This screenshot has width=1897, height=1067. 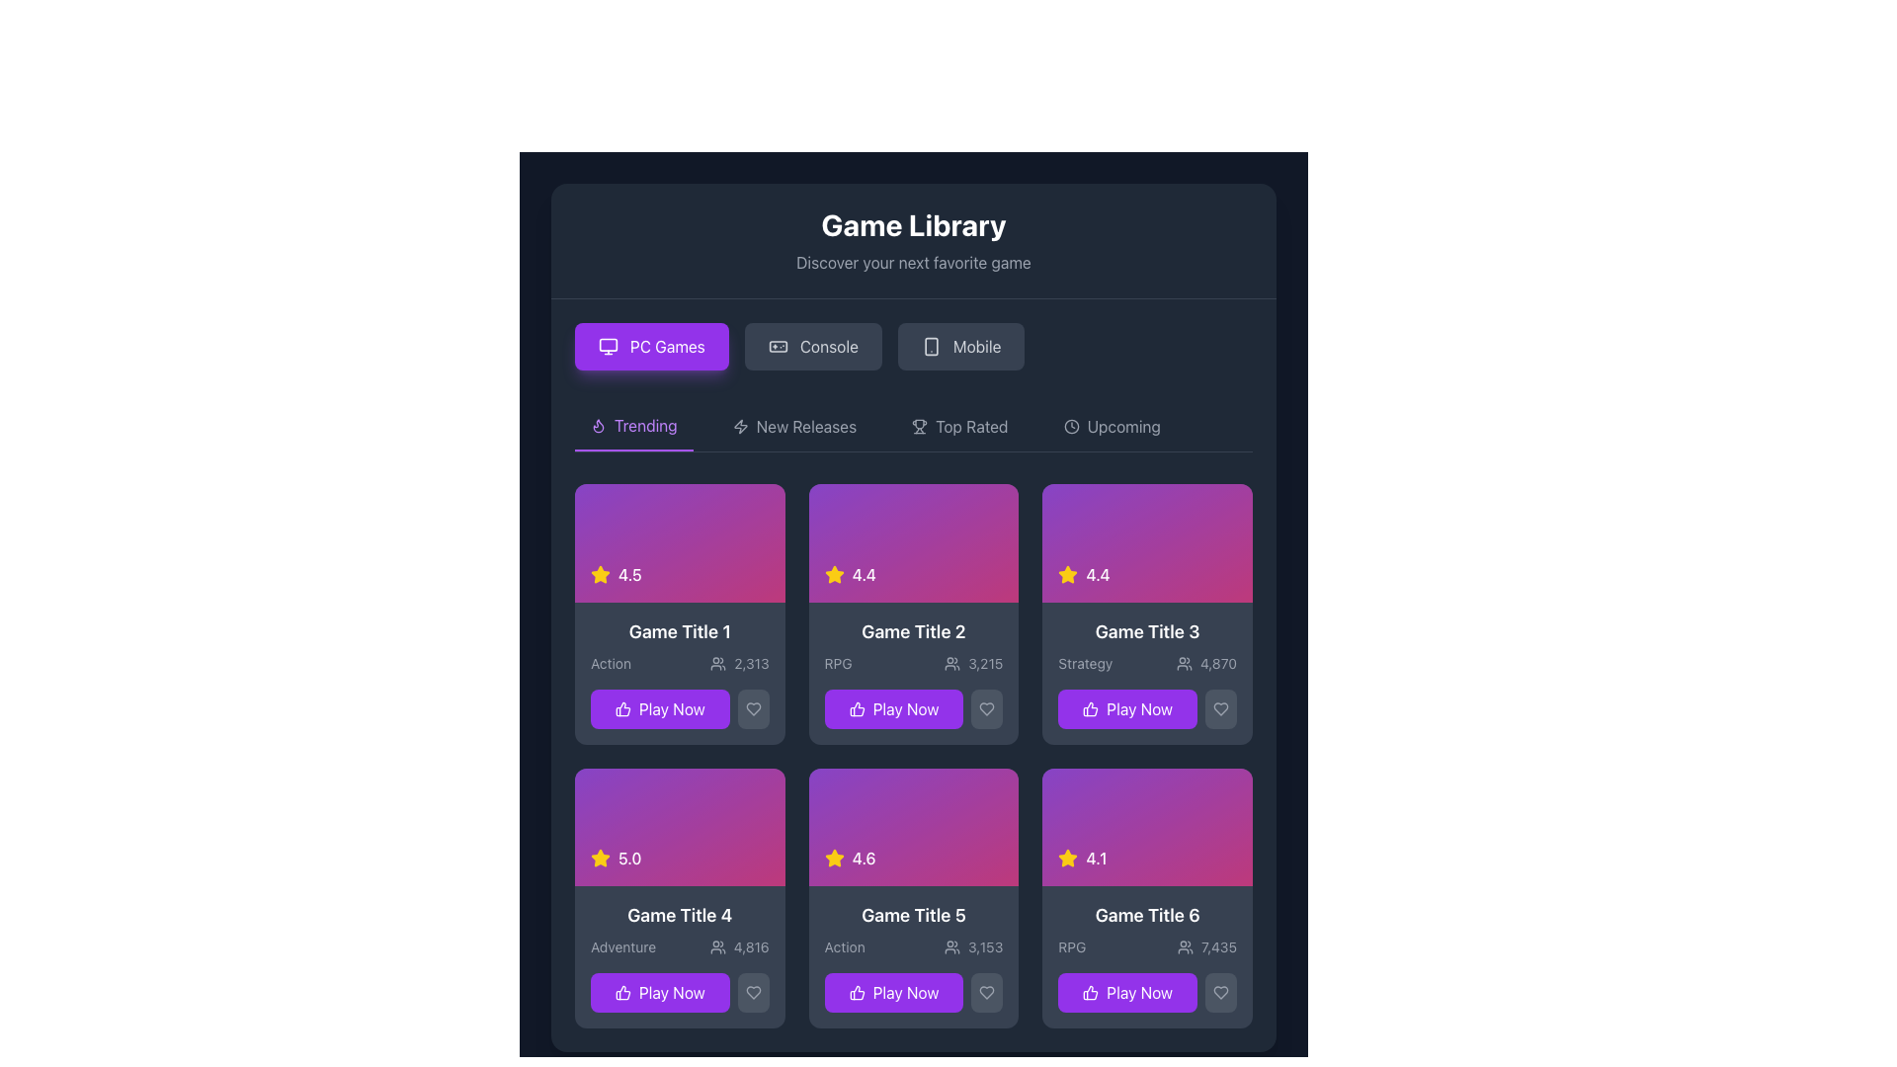 I want to click on the main title text label of the game card located in the second row, third column of the grid layout, positioned above the 'Action 3,153' text and 'Play Now' button, so click(x=913, y=916).